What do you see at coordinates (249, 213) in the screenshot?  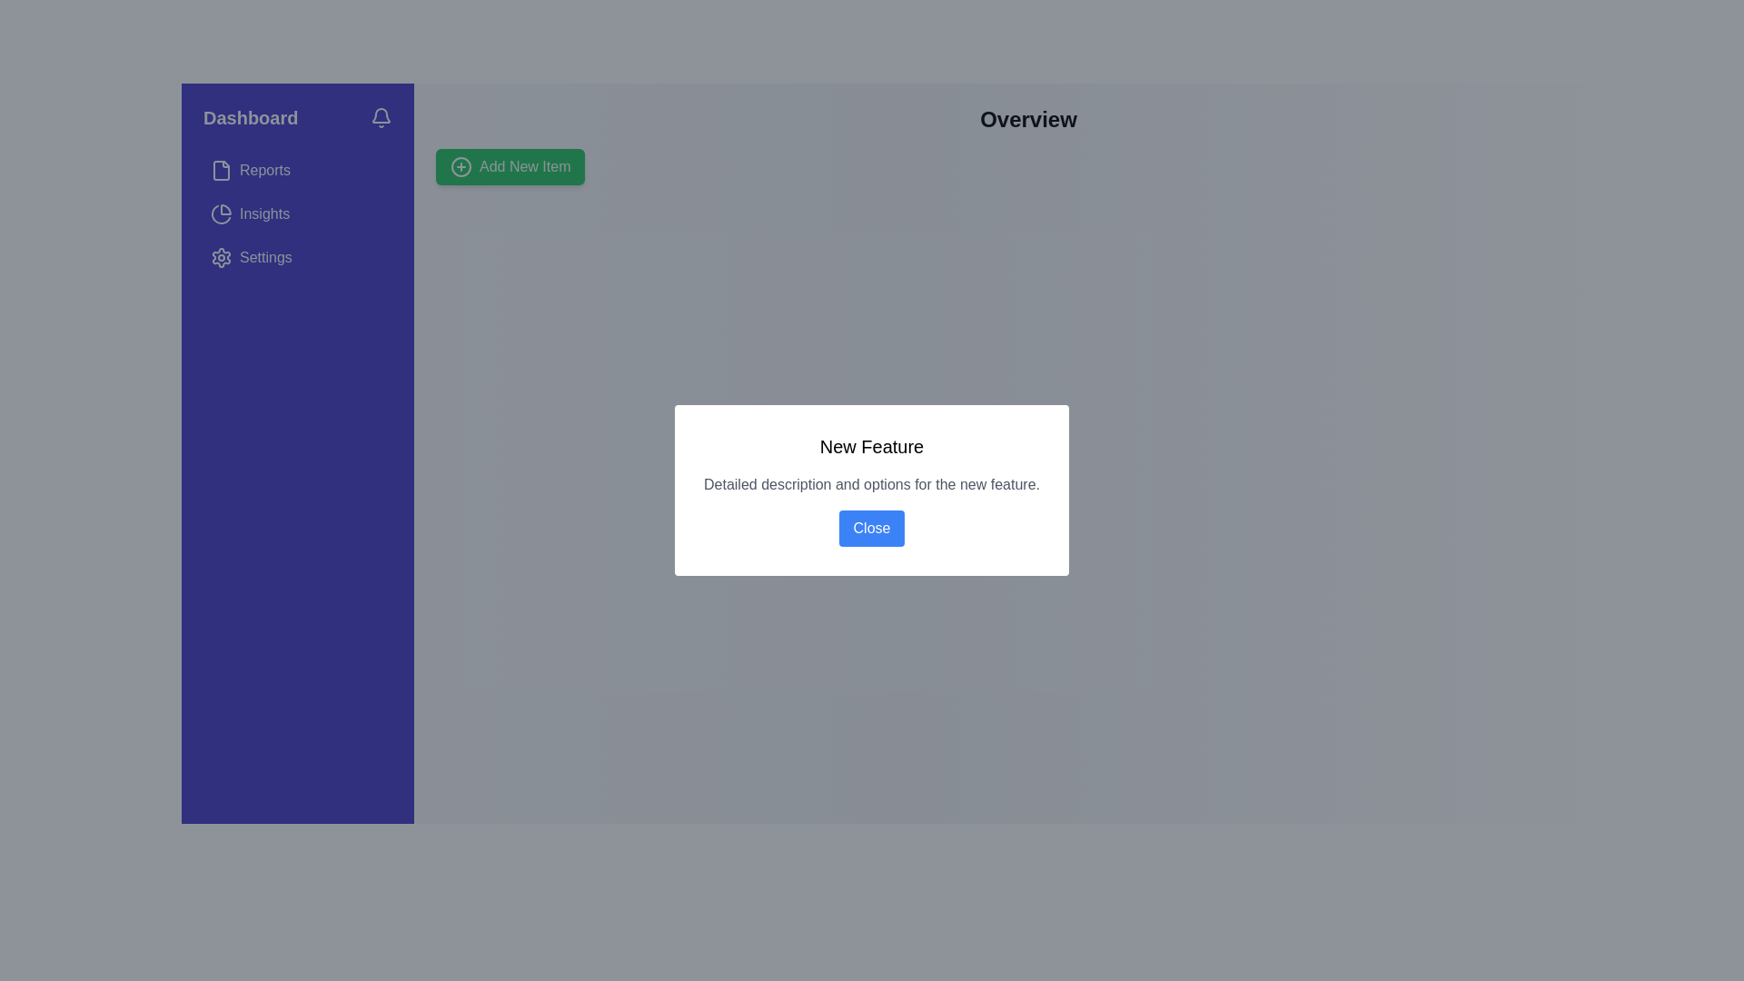 I see `the 'Insights' button, which is the second item in the vertical sidebar list, located directly beneath 'Reports' and above 'Settings', to activate the hover styling effect` at bounding box center [249, 213].